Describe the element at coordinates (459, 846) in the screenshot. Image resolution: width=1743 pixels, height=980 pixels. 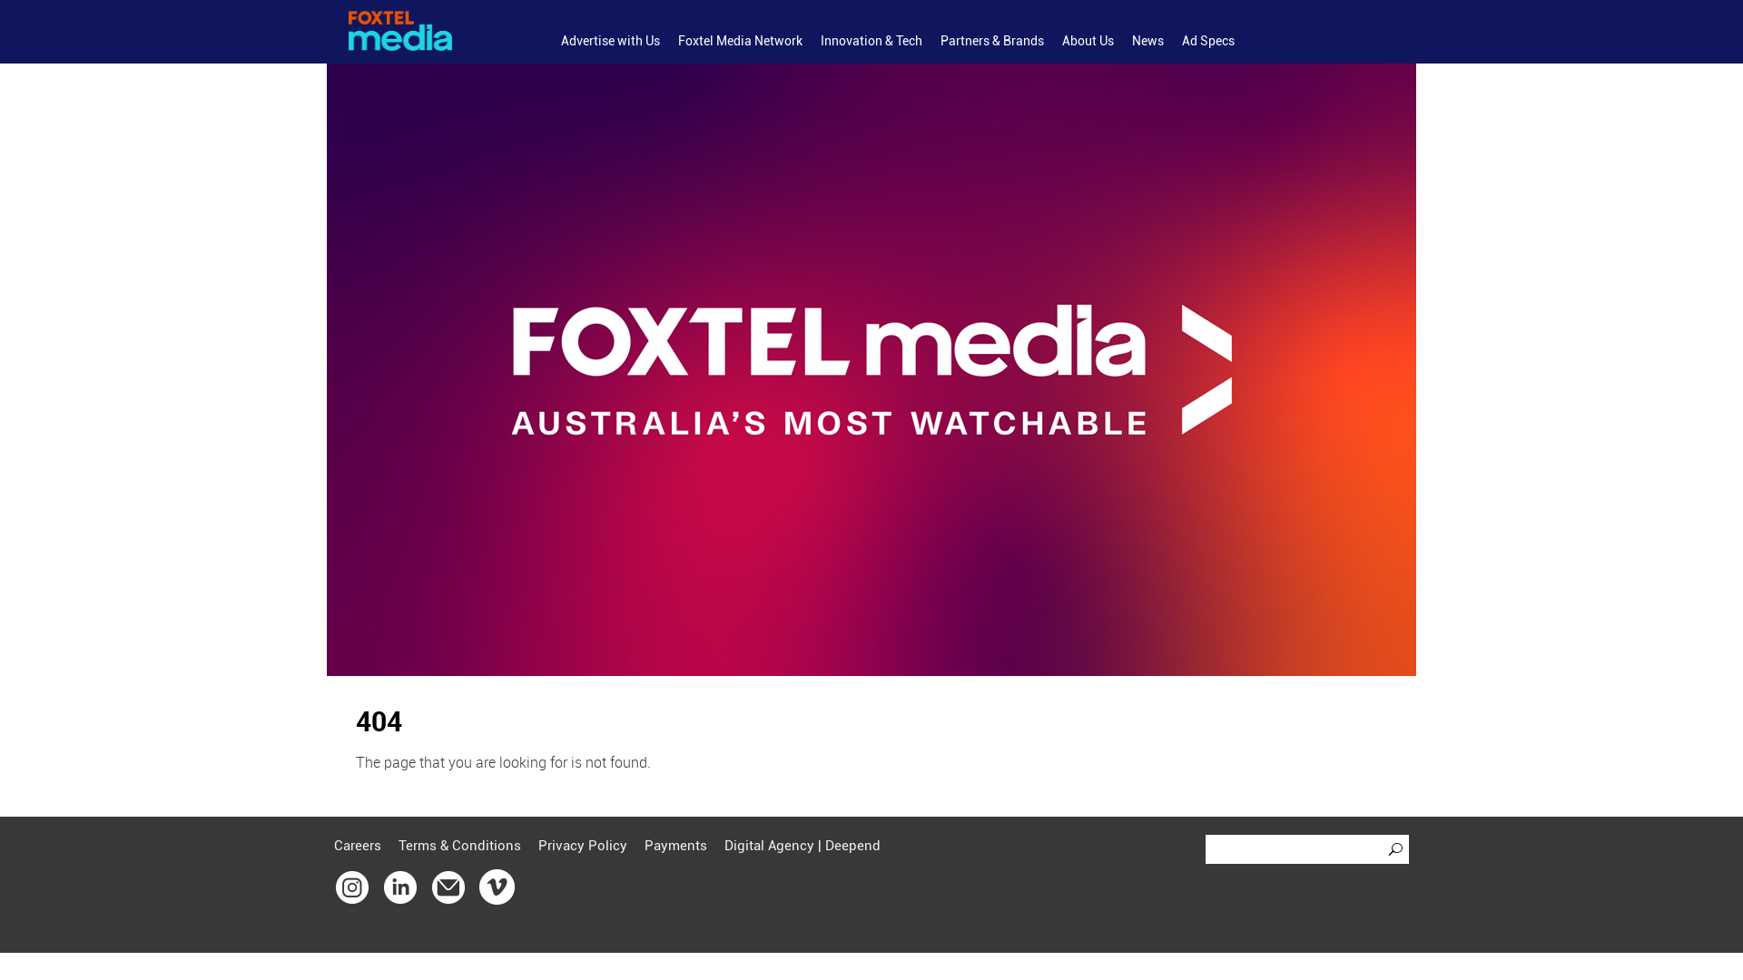
I see `'Terms & Conditions'` at that location.